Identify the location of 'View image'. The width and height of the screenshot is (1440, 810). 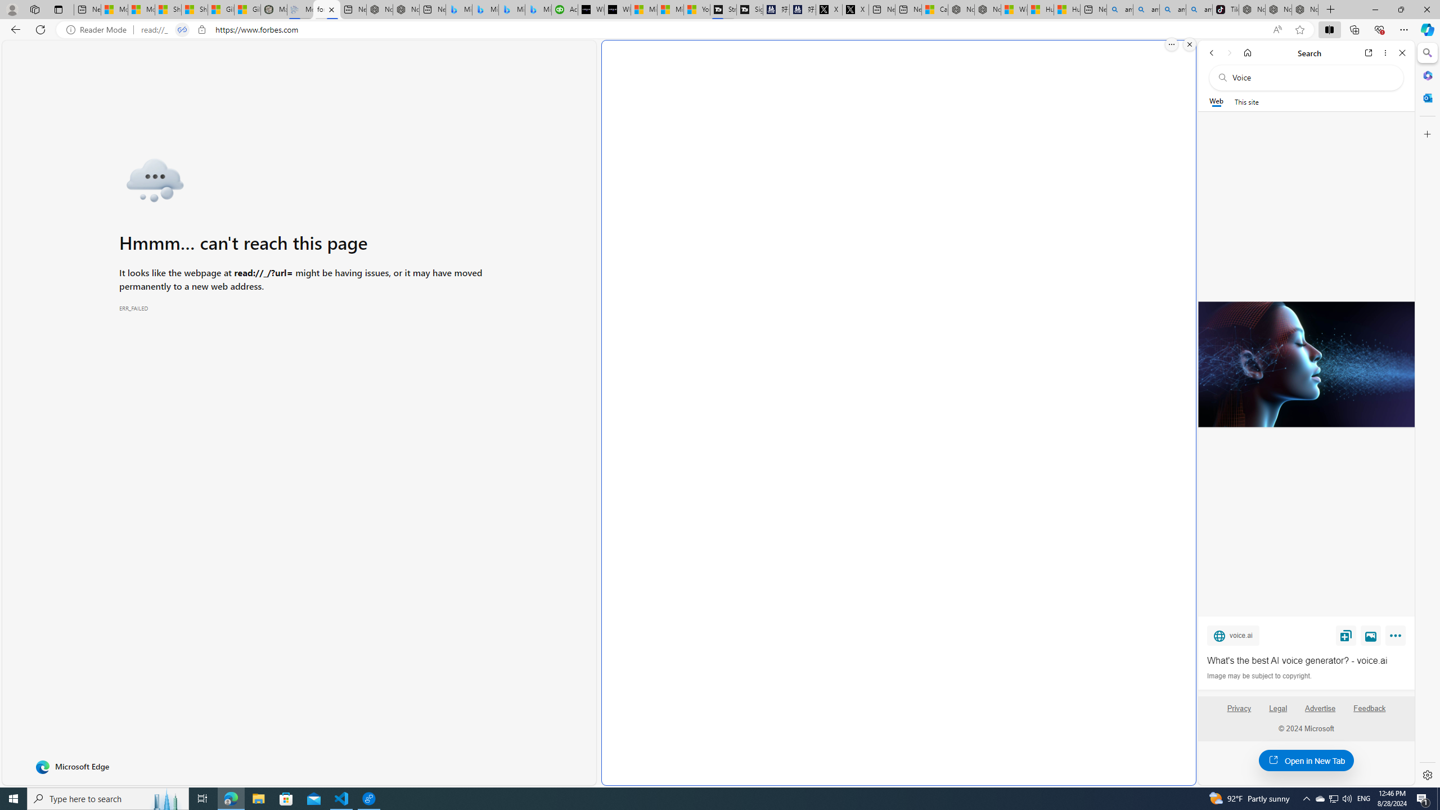
(1371, 635).